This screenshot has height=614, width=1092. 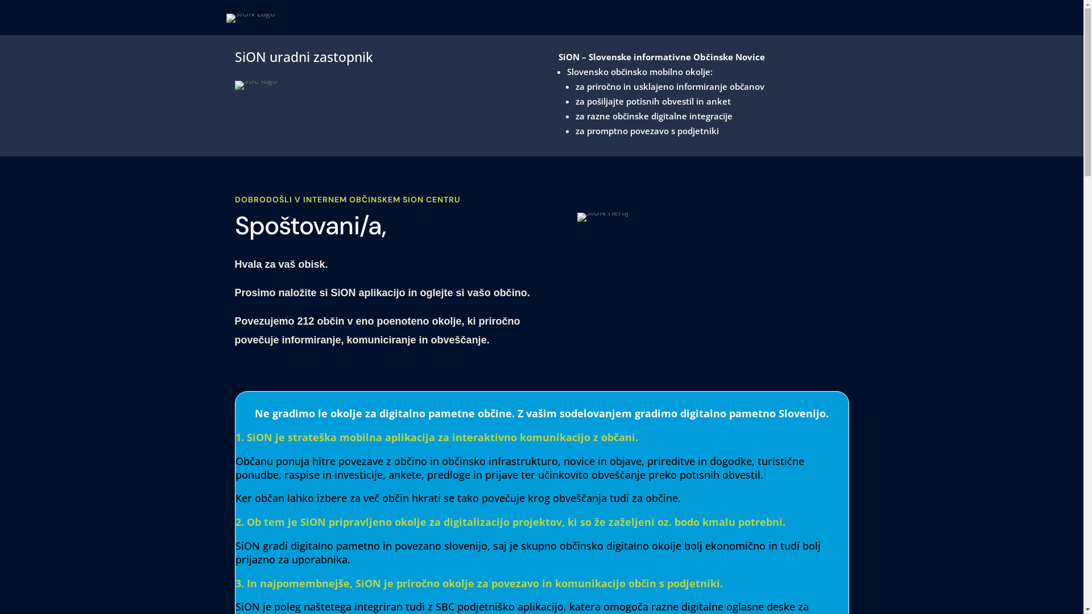 I want to click on 'SiON-app', so click(x=602, y=217).